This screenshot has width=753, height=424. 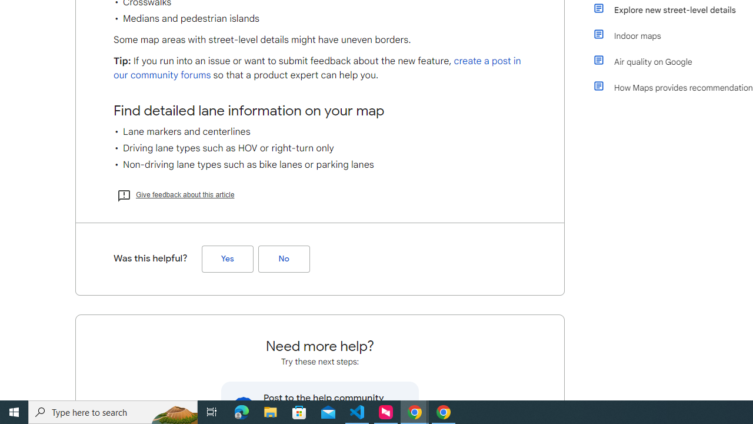 I want to click on 'No (Was this helpful?)', so click(x=284, y=258).